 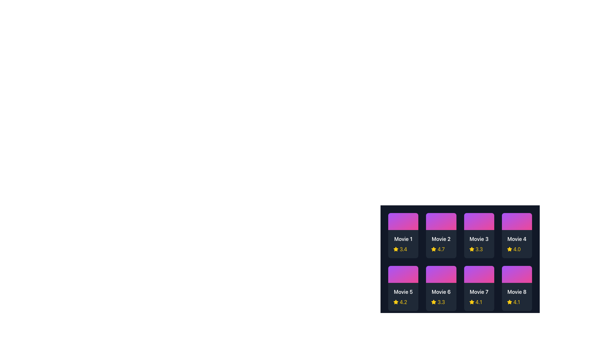 I want to click on rating value displayed as '4.7' next to the yellow star icon beneath the title 'Movie 2' in the second column of the first row, so click(x=441, y=249).